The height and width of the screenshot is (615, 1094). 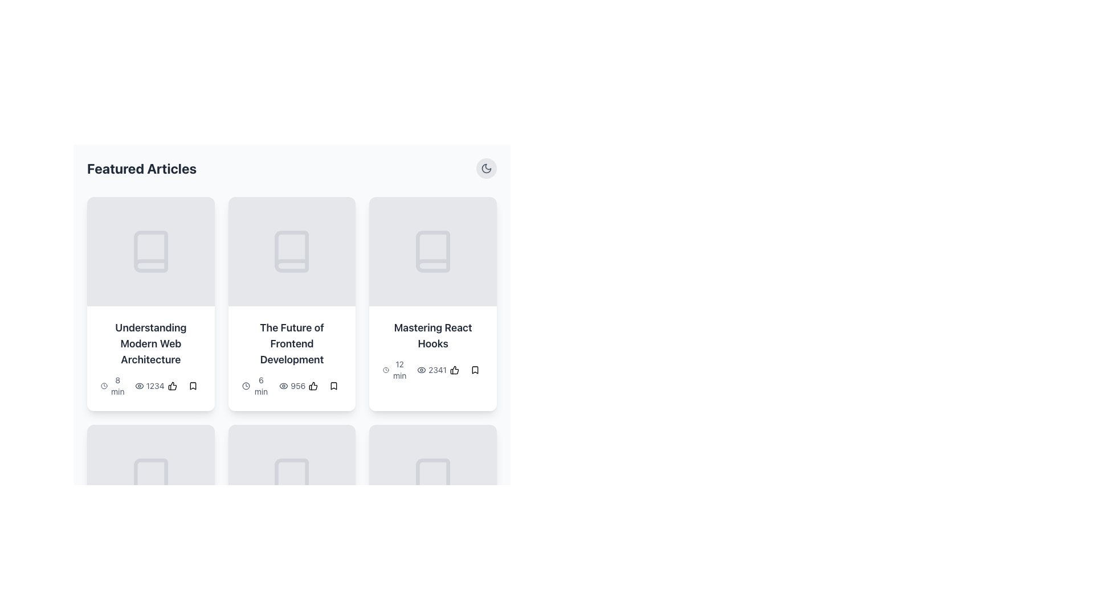 I want to click on the eye-shaped icon representing view count located in the third card of the first row, adjacent to the number '2341', so click(x=421, y=370).